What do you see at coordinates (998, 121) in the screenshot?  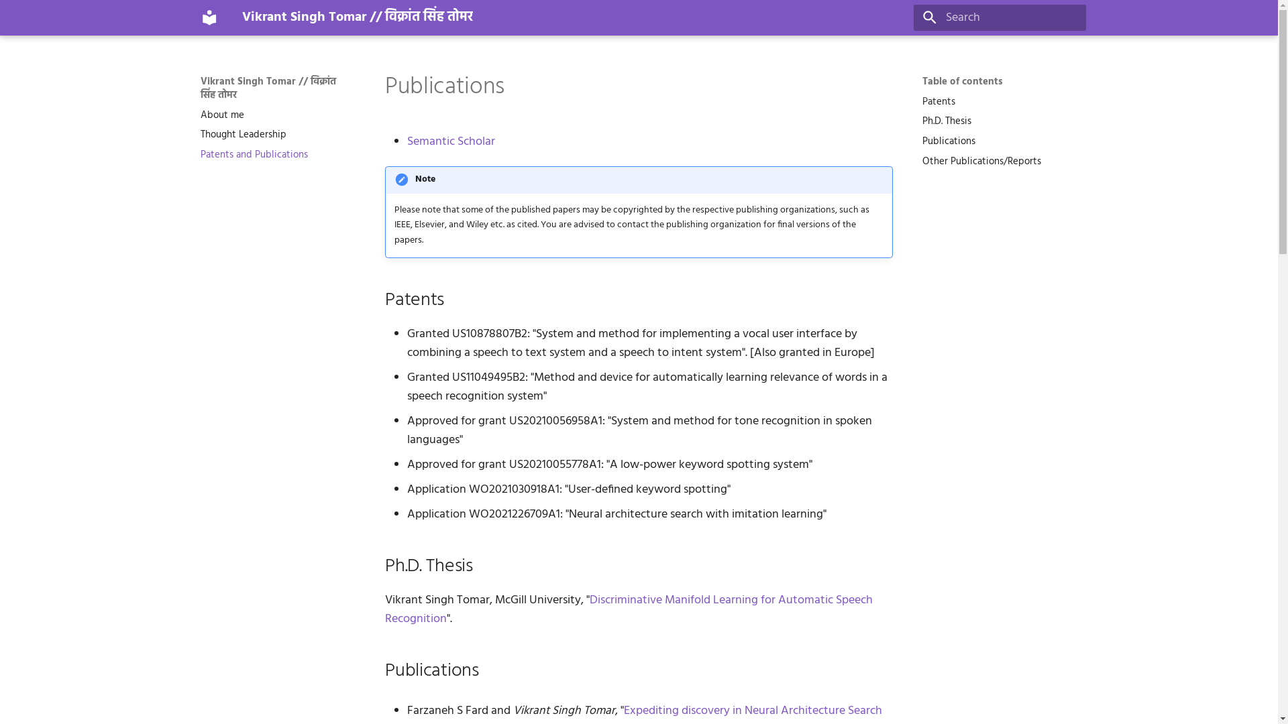 I see `'Ph.D. Thesis'` at bounding box center [998, 121].